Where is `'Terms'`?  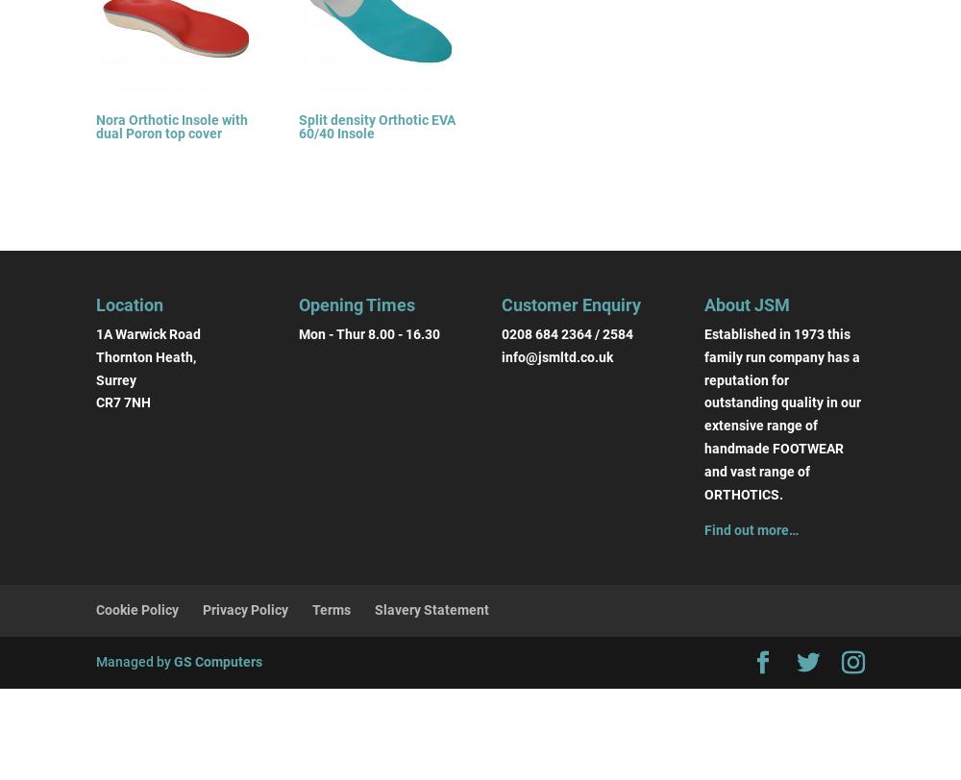
'Terms' is located at coordinates (331, 609).